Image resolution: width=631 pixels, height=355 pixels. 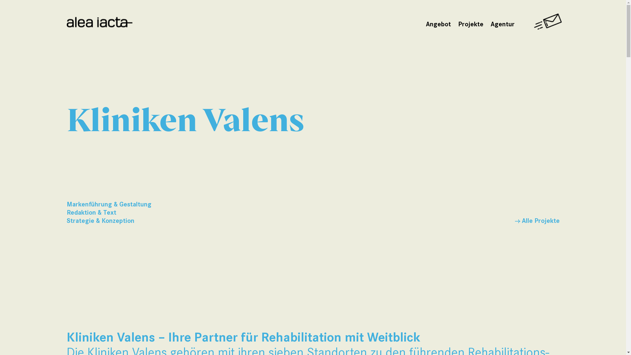 What do you see at coordinates (99, 22) in the screenshot?
I see `'Logo alea iacta'` at bounding box center [99, 22].